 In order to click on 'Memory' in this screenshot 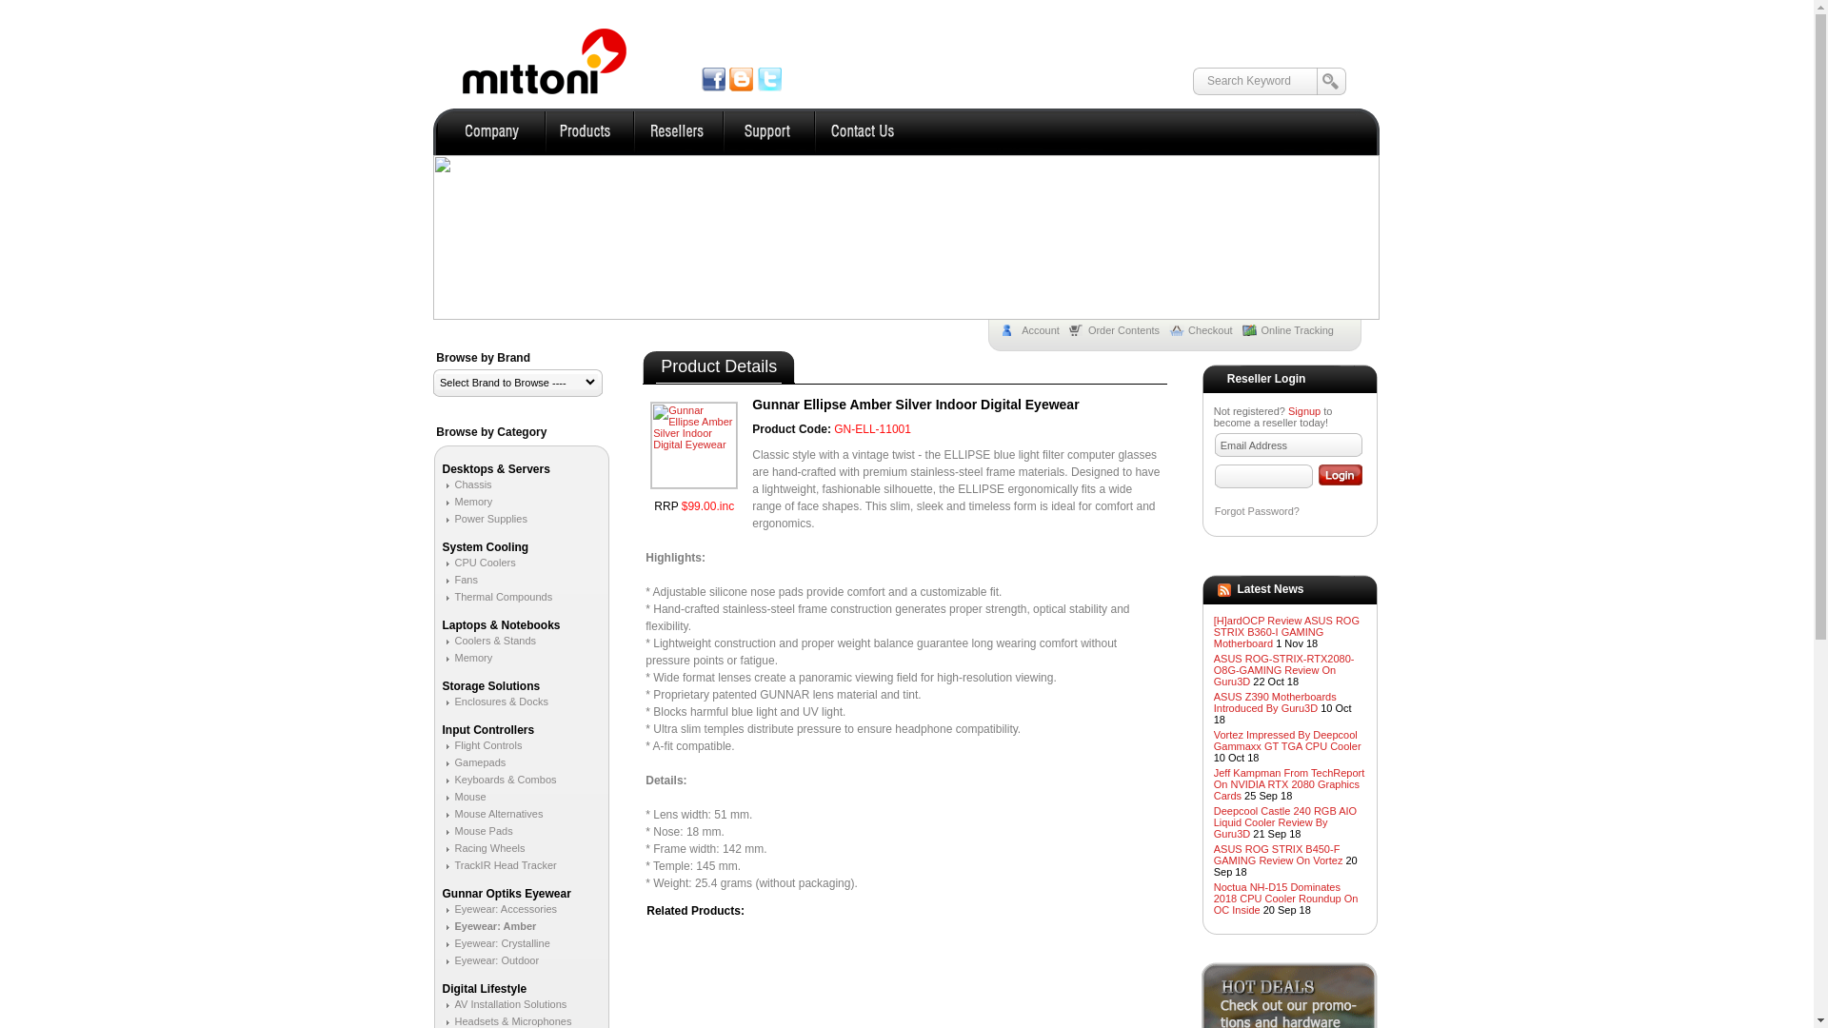, I will do `click(467, 656)`.